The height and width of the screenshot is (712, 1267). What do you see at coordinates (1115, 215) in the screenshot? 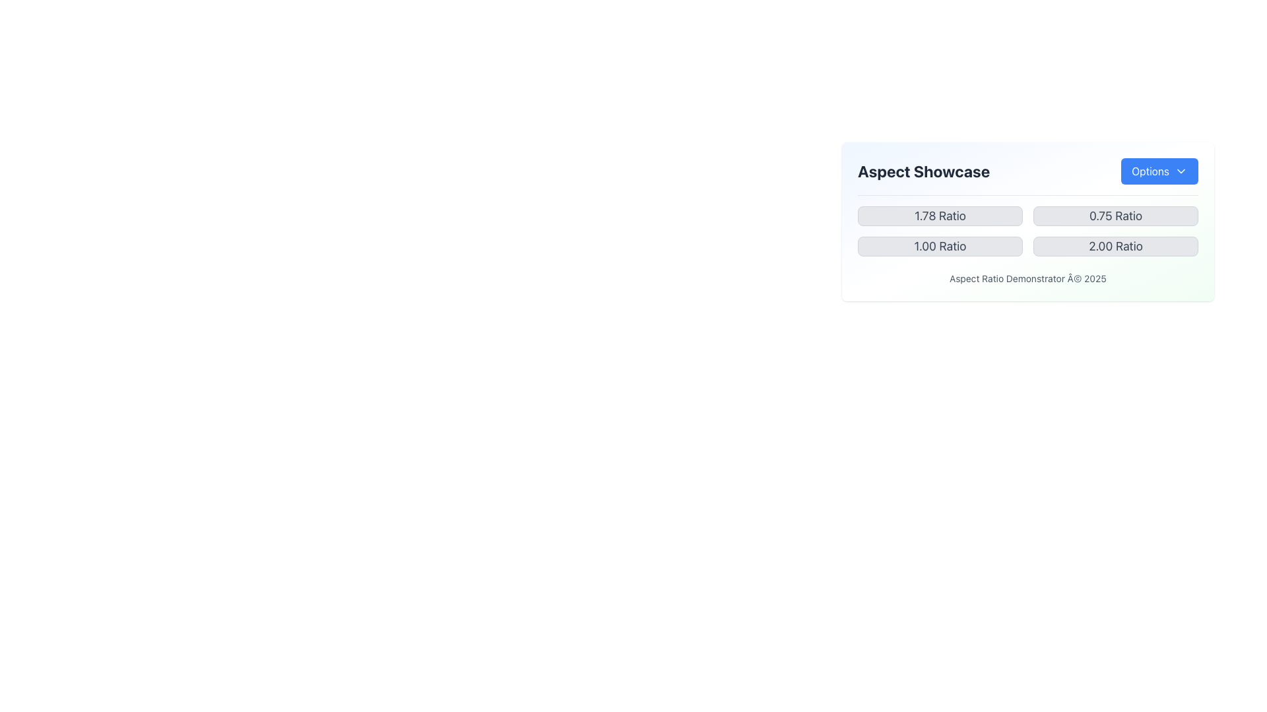
I see `the '0.75 Ratio' button, which is the second button in a grid of four` at bounding box center [1115, 215].